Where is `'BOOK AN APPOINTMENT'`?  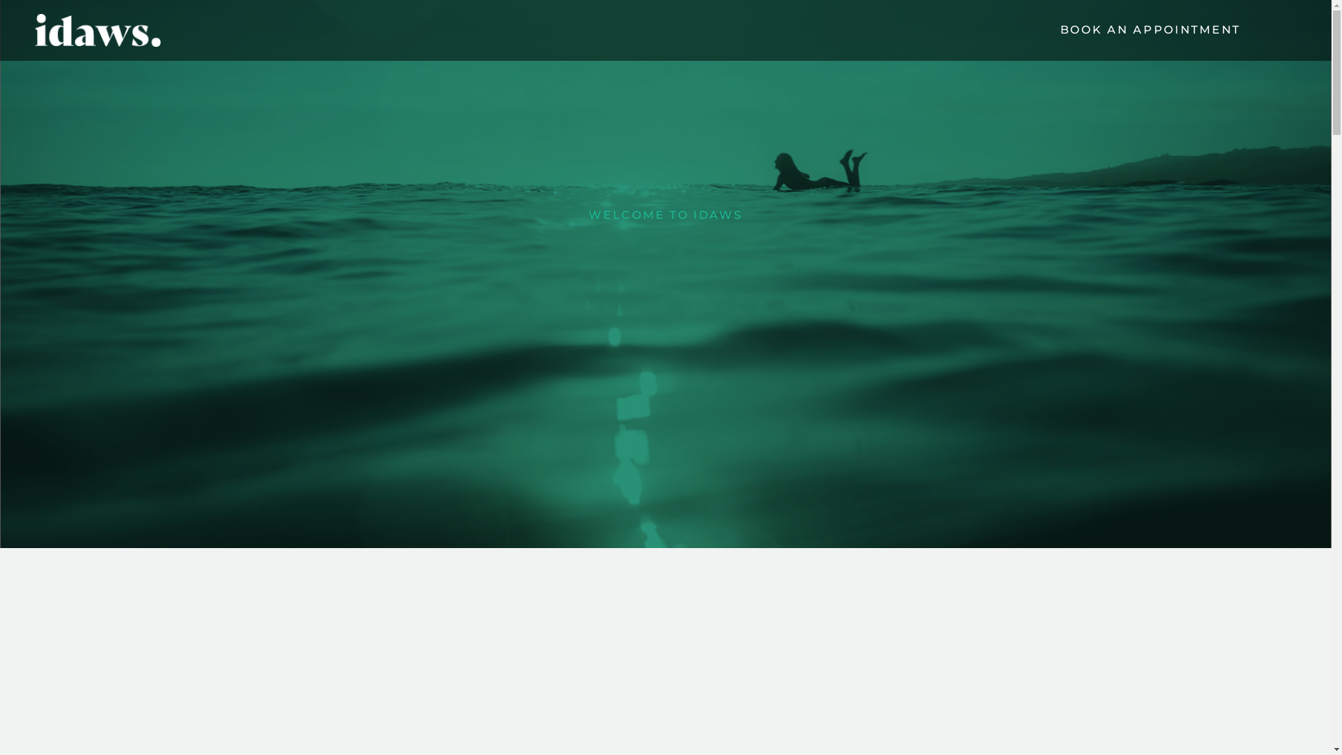 'BOOK AN APPOINTMENT' is located at coordinates (1150, 29).